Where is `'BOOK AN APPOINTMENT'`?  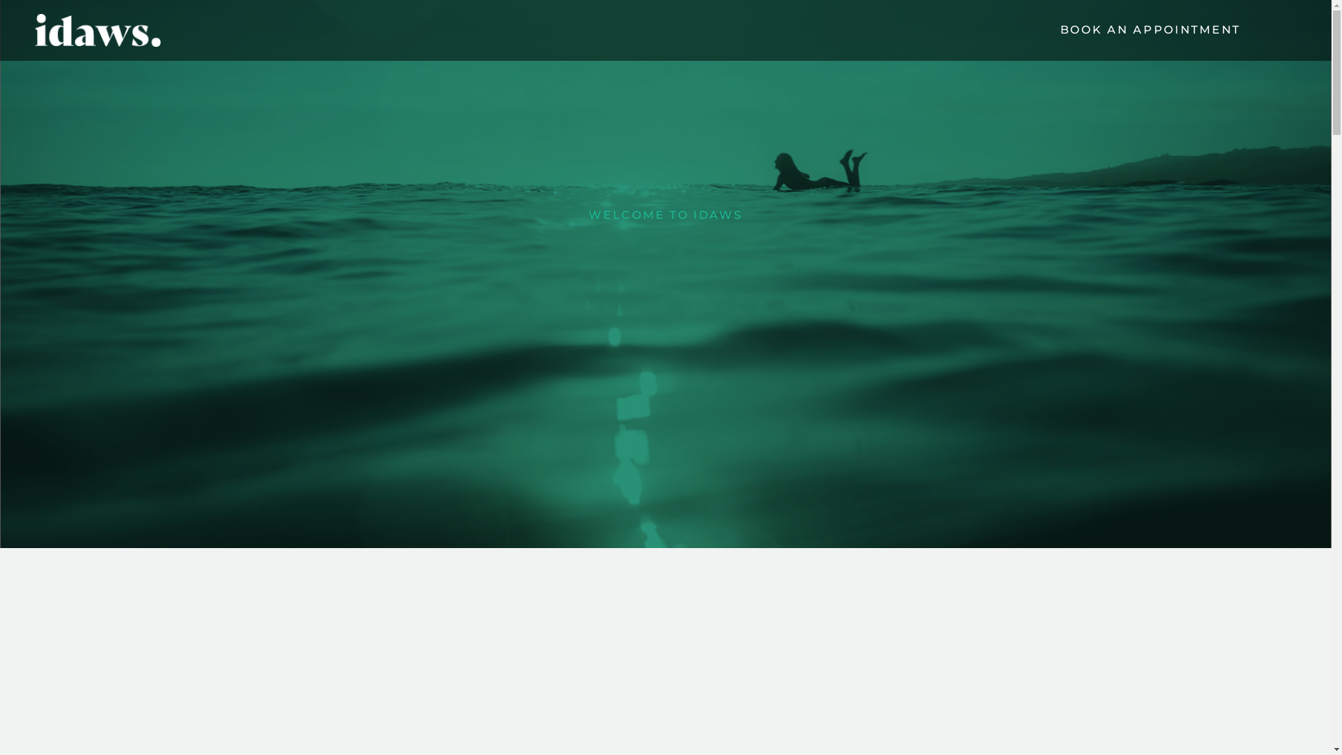 'BOOK AN APPOINTMENT' is located at coordinates (1150, 29).